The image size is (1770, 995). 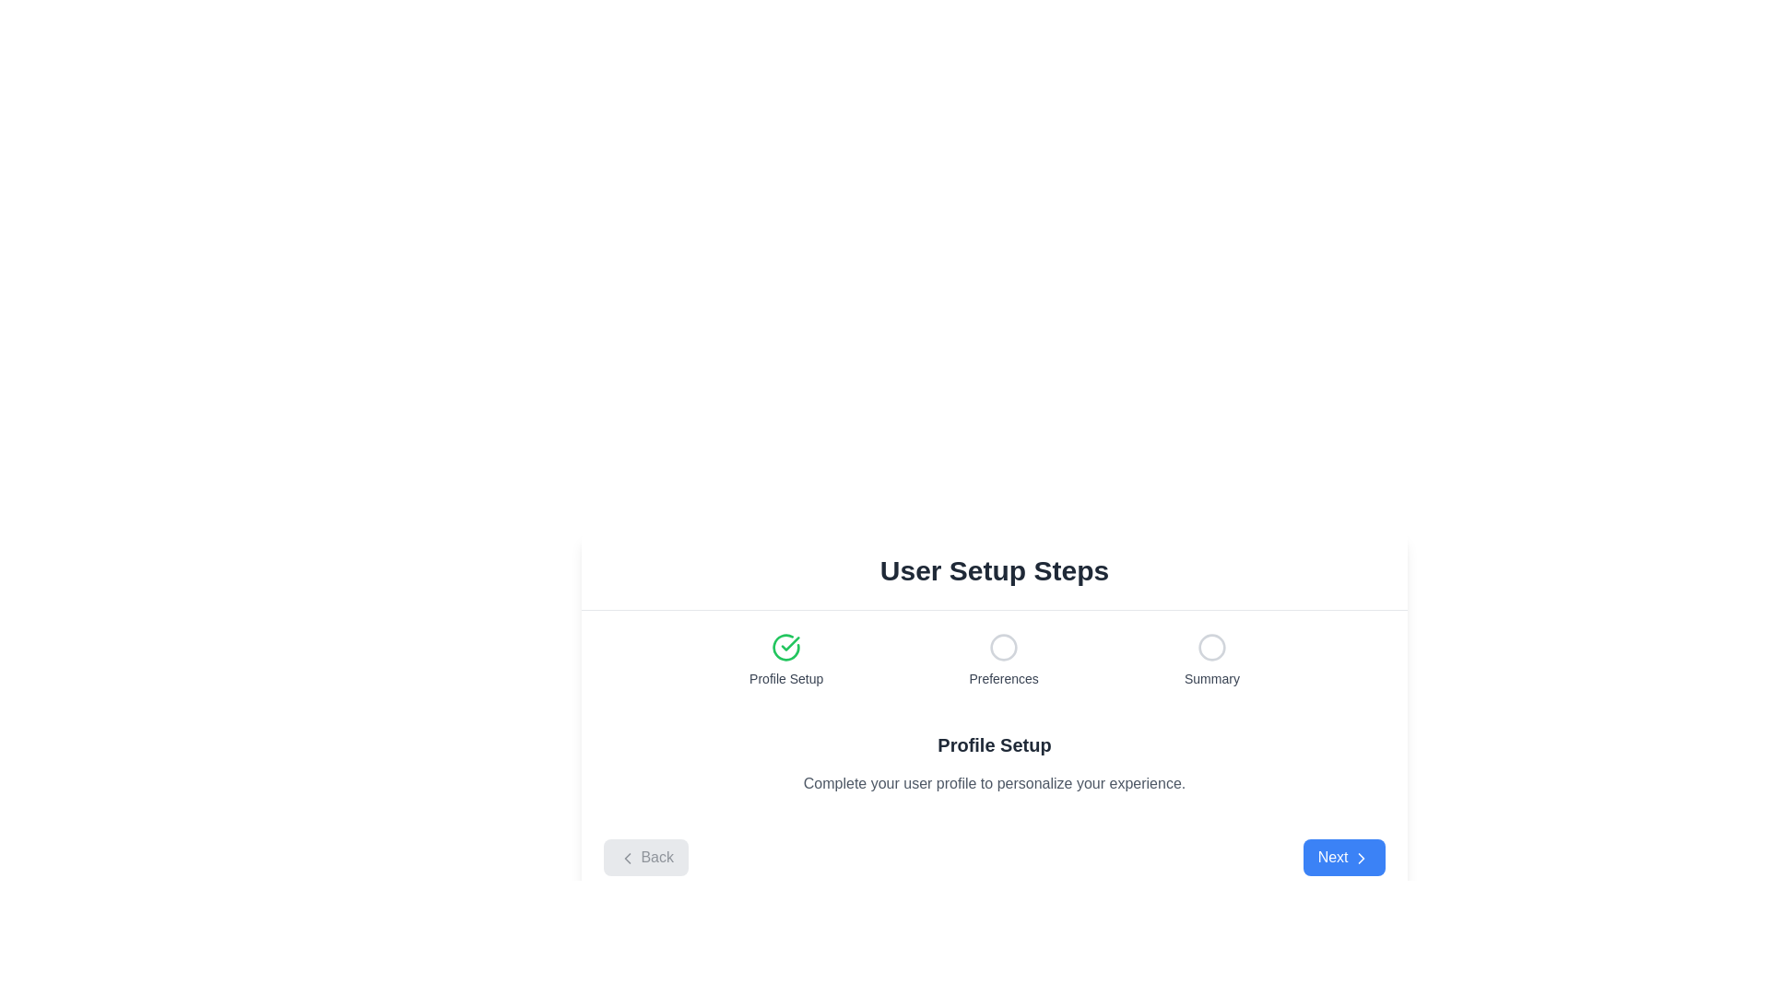 I want to click on the circular progress indicator representing the second step labeled 'Preferences' in the progress tracker, so click(x=1003, y=646).